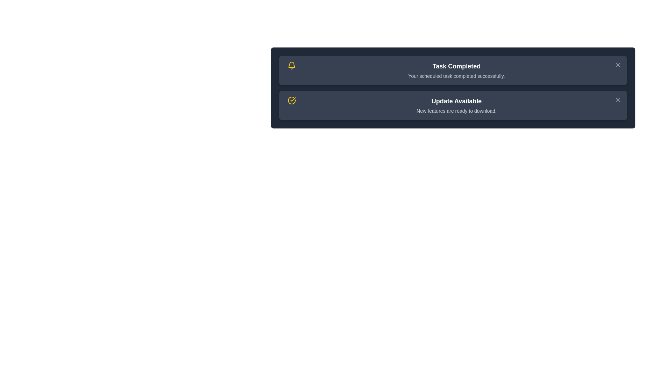 The image size is (671, 377). I want to click on the close button to dismiss the event, so click(618, 65).